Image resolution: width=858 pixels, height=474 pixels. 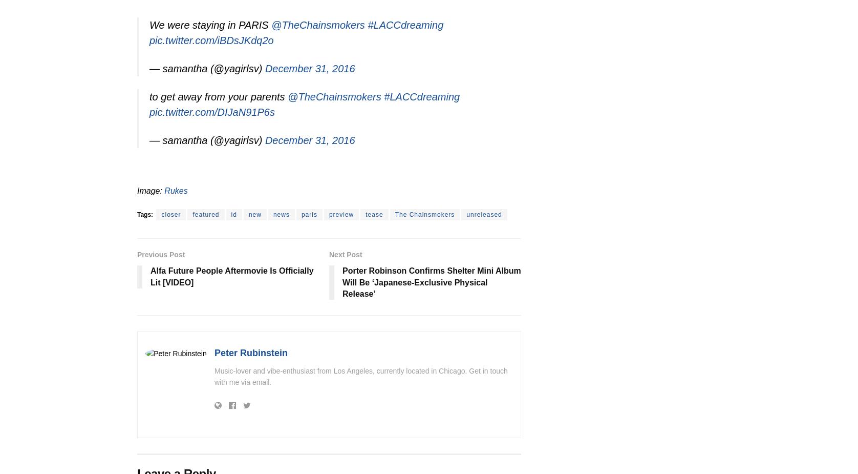 What do you see at coordinates (170, 214) in the screenshot?
I see `'closer'` at bounding box center [170, 214].